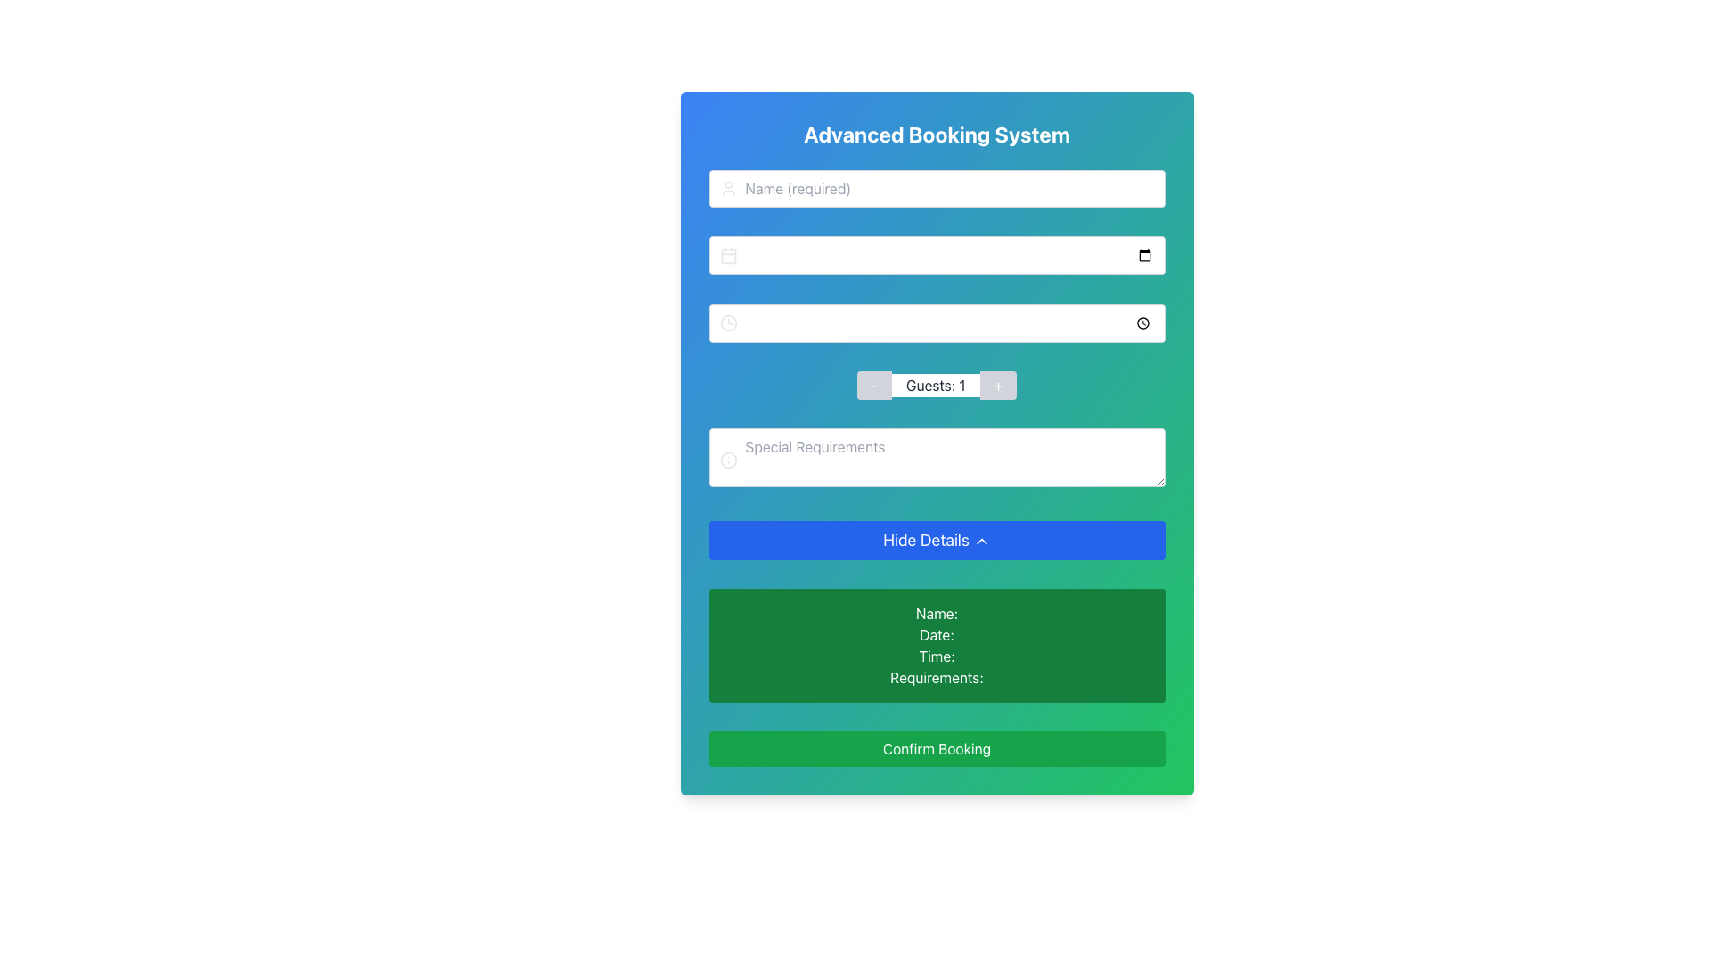 The image size is (1711, 962). What do you see at coordinates (936, 613) in the screenshot?
I see `the 'Name:' text label, which is the first label in a vertical list of similar labels, displayed in white sans-serif font on a dark green background` at bounding box center [936, 613].